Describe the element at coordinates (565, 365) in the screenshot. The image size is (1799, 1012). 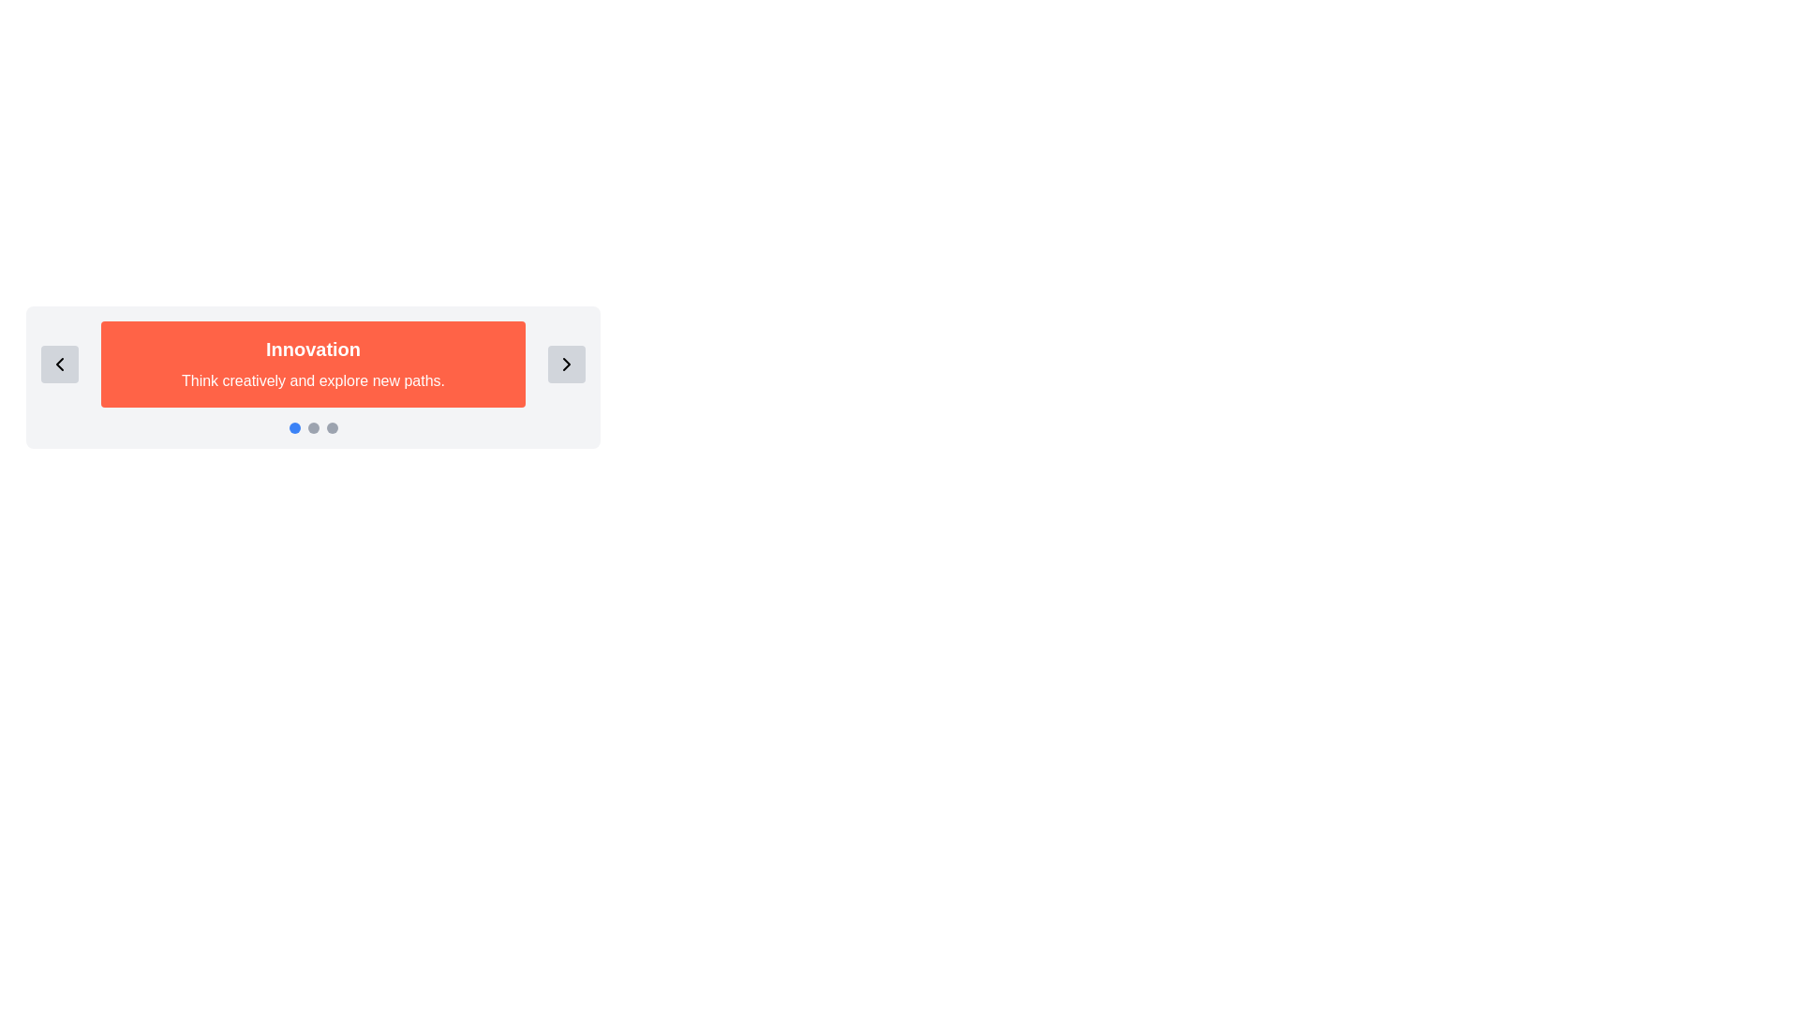
I see `the chevron icon embedded in the button located on the right side of the red 'Innovation' section` at that location.